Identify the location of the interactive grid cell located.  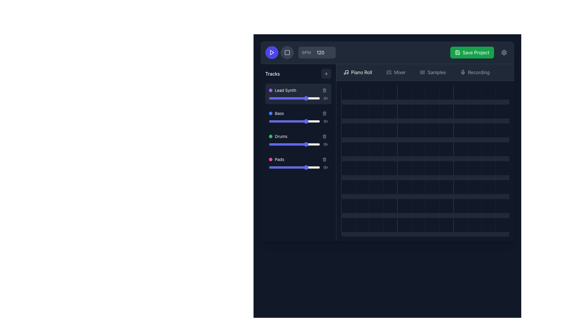
(460, 149).